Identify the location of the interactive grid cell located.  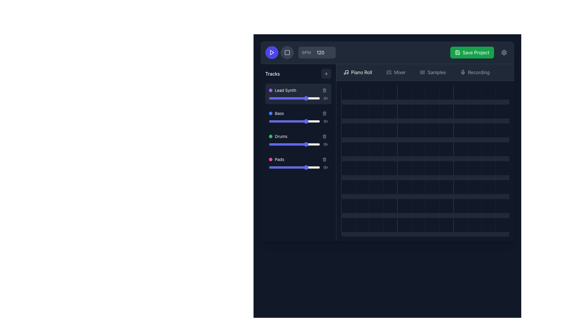
(460, 149).